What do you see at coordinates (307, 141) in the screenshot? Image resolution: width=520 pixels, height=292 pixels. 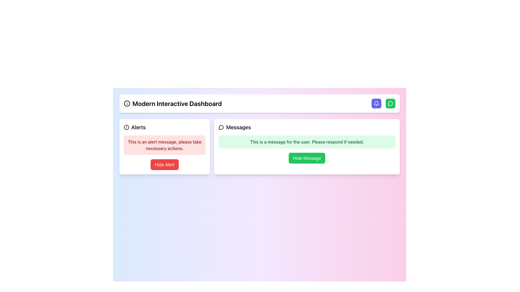 I see `the informational text in the 'Messages' section, which is centrally aligned with a light green background and located above the 'Hide Message' button` at bounding box center [307, 141].